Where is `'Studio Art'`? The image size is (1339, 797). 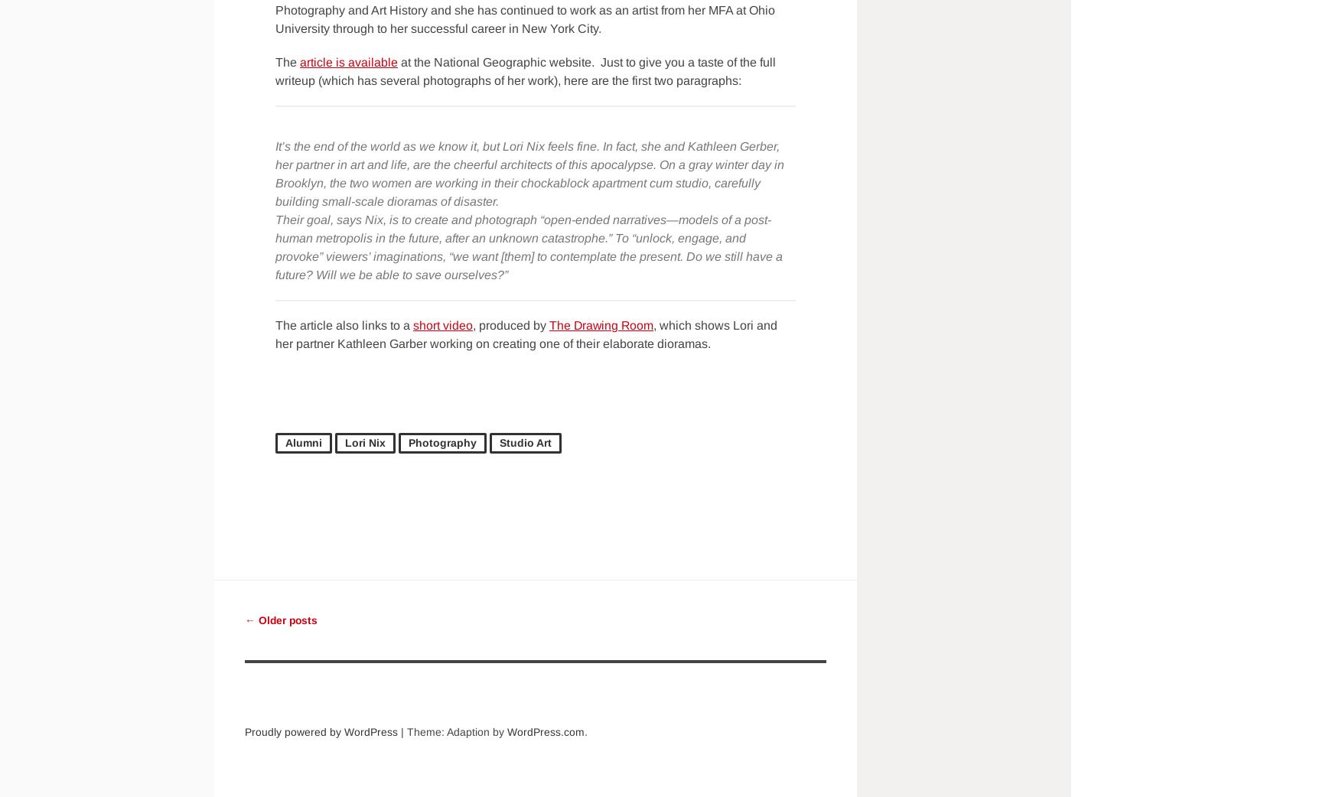
'Studio Art' is located at coordinates (498, 442).